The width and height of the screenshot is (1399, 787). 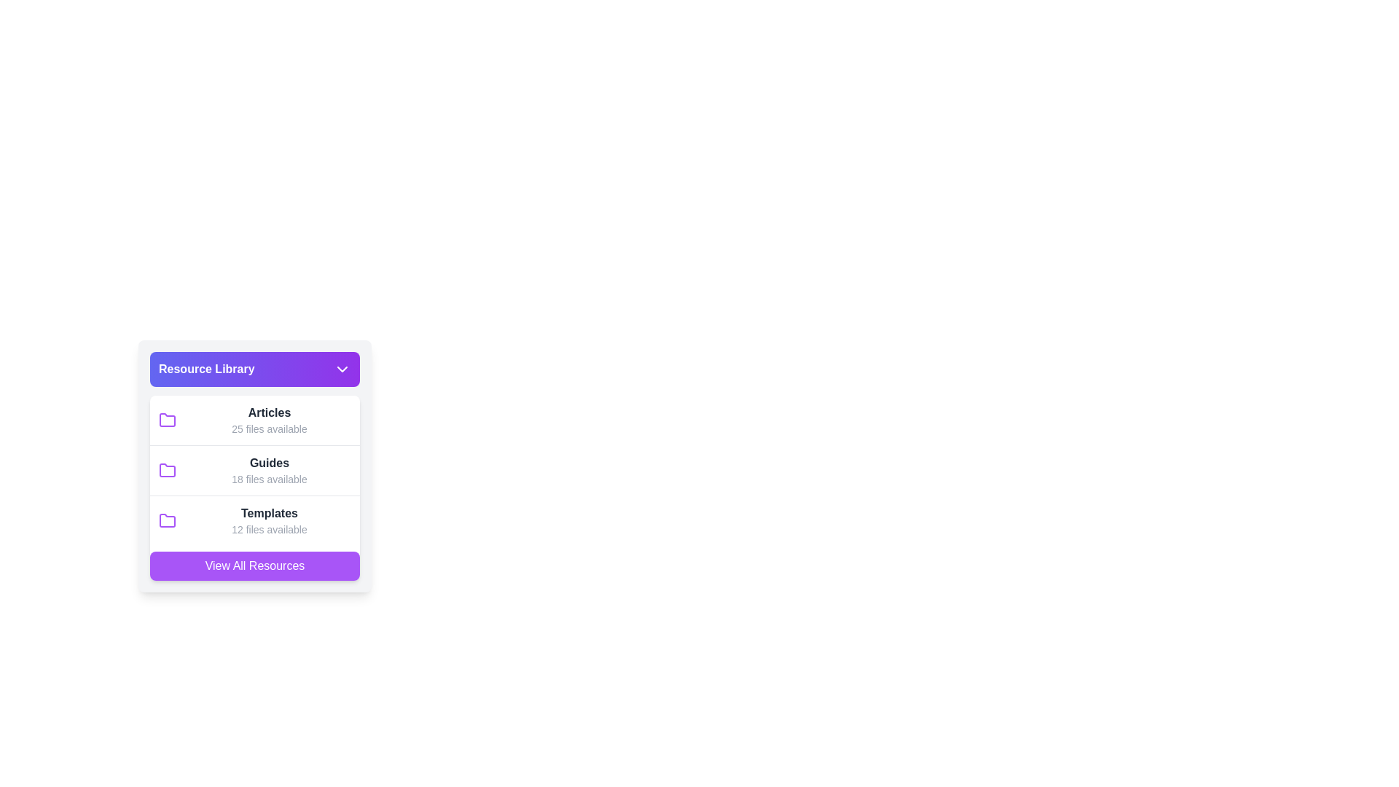 I want to click on the static text label reading '12 files available', which is styled in a small gray font and positioned directly underneath the 'Templates' heading, so click(x=269, y=529).